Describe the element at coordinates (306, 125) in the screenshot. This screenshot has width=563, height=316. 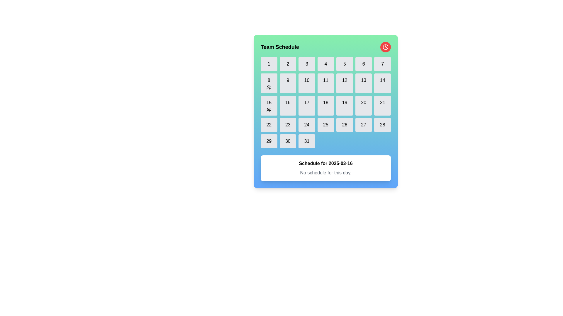
I see `the button displaying the number '24' in black typography, which is centered within a light gray square with rounded corners in the fourth row of the calendar grid` at that location.